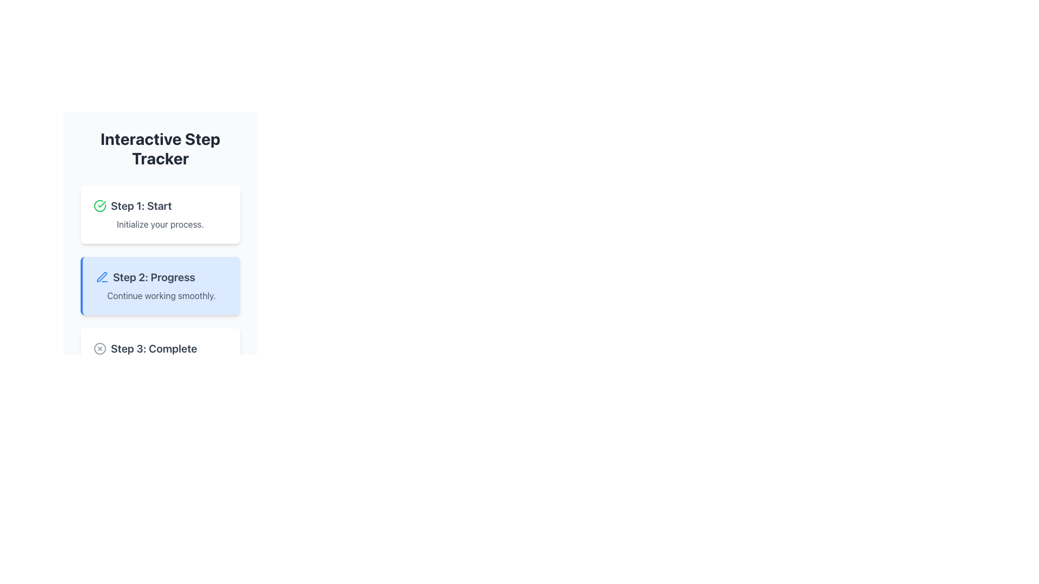  What do you see at coordinates (100, 206) in the screenshot?
I see `the circular green icon with a check mark inside, which represents the completed first step in the 'Interactive Step Tracker' section, located to the left of the text 'Step 1: Start'` at bounding box center [100, 206].